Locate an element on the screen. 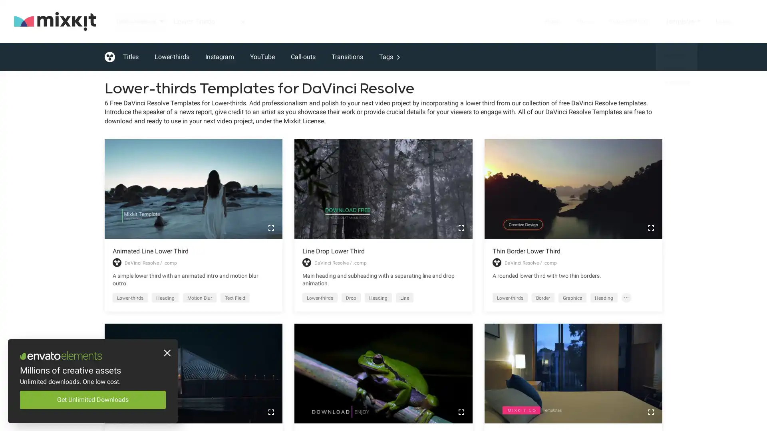 This screenshot has height=431, width=767. View Fullscreen is located at coordinates (271, 227).